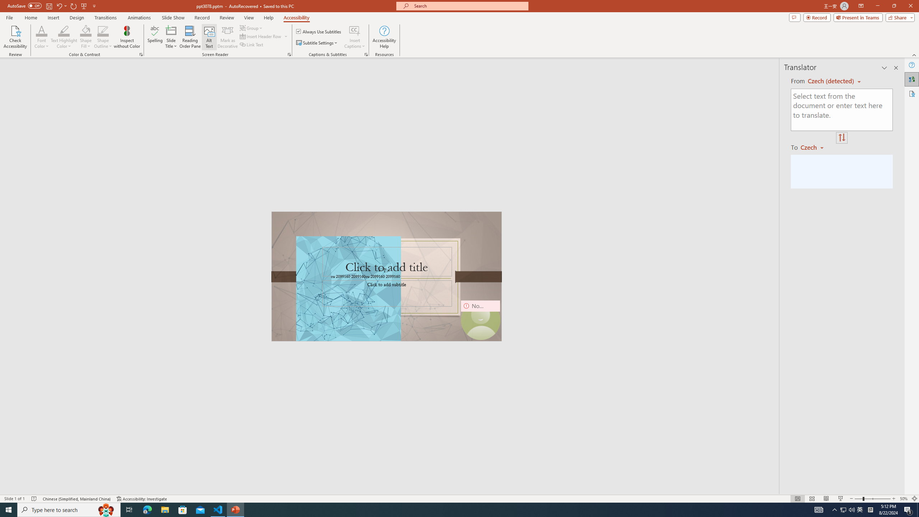  What do you see at coordinates (366, 54) in the screenshot?
I see `'Captions & Subtitles'` at bounding box center [366, 54].